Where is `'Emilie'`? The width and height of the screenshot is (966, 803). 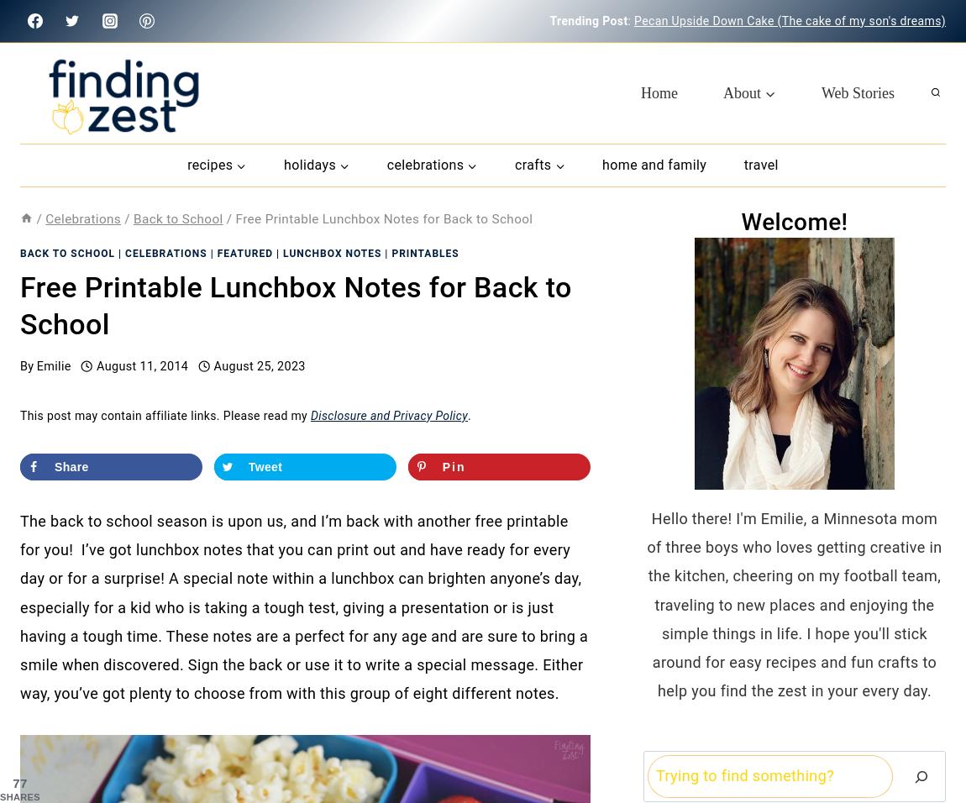
'Emilie' is located at coordinates (52, 365).